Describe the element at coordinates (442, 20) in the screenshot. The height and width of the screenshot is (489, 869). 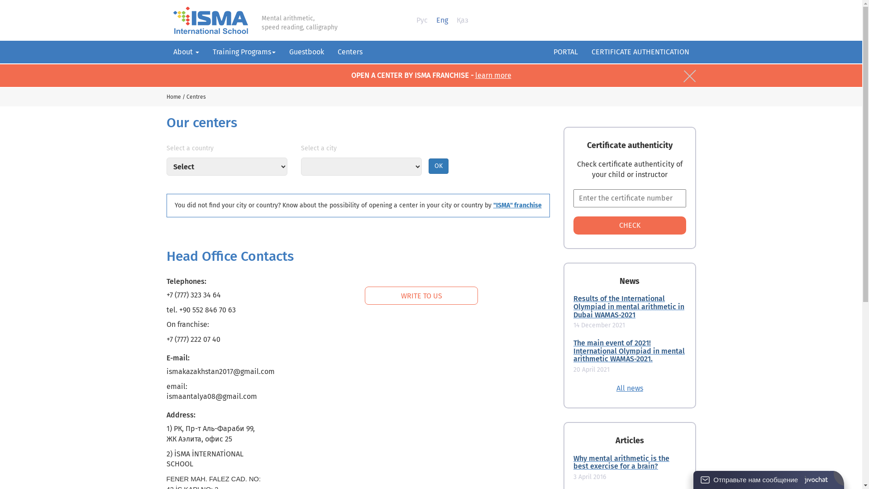
I see `'Eng'` at that location.